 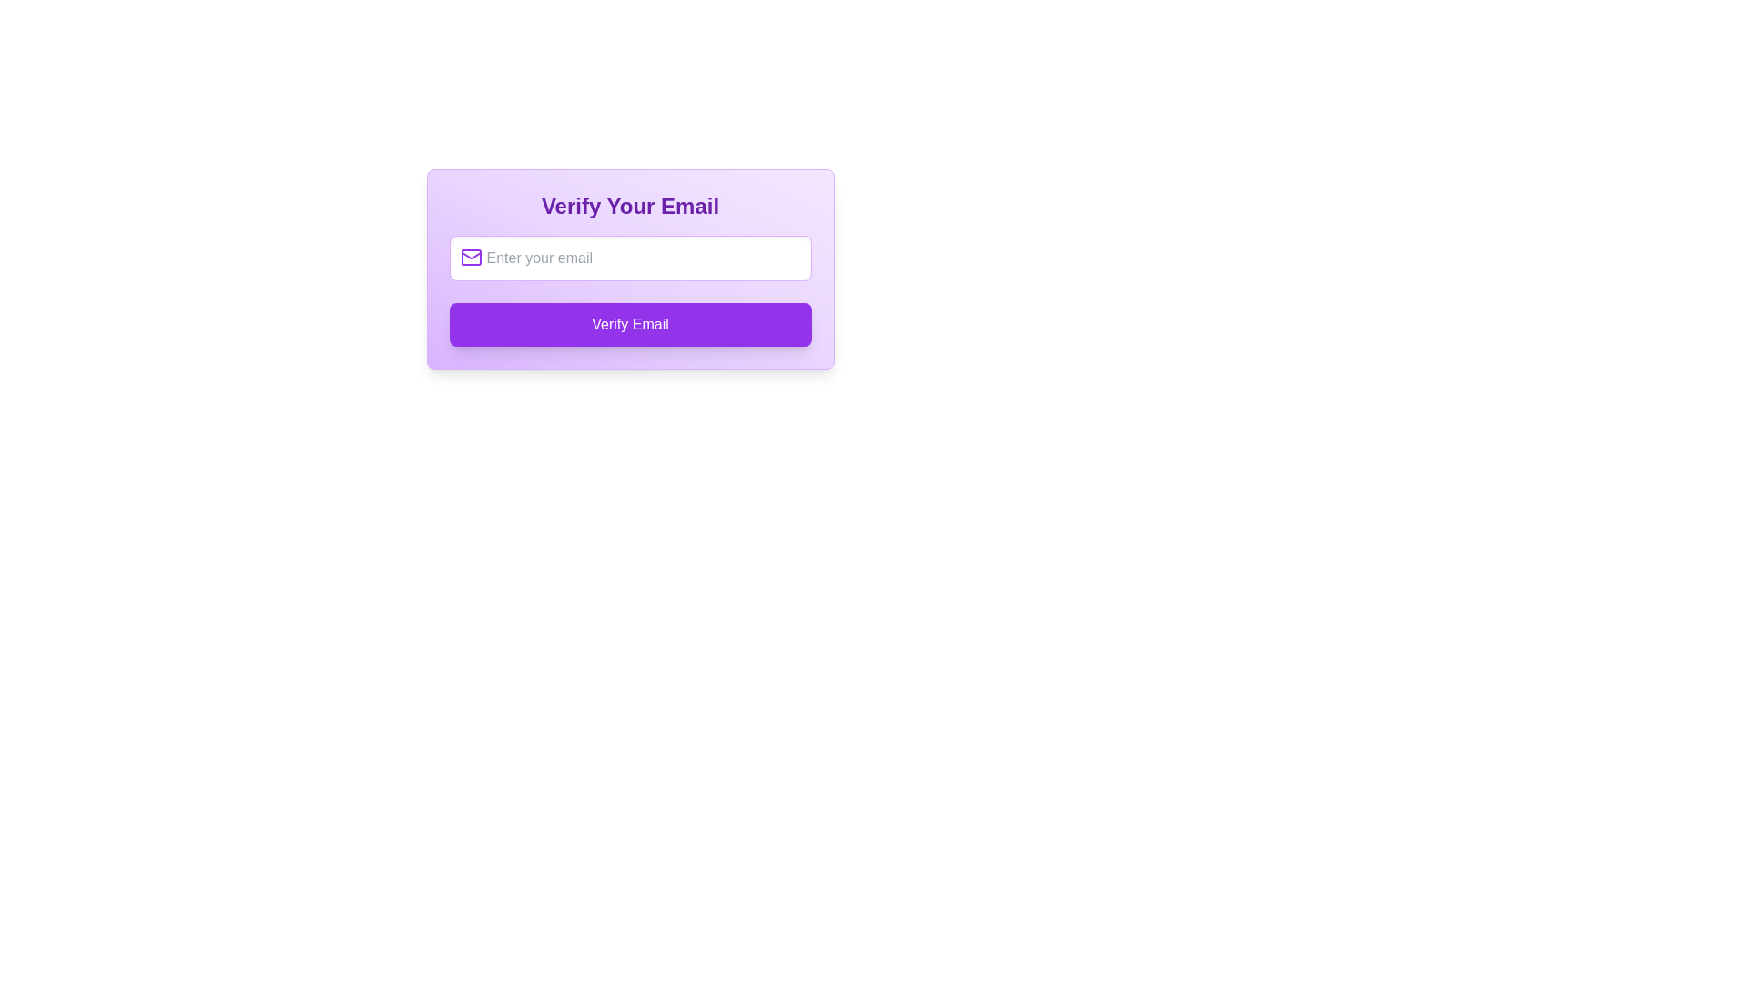 What do you see at coordinates (471, 257) in the screenshot?
I see `the graphical icon part of the email icon within the 'Verify Your Email' interface, positioned to the left of the 'Enter your email' text input field` at bounding box center [471, 257].